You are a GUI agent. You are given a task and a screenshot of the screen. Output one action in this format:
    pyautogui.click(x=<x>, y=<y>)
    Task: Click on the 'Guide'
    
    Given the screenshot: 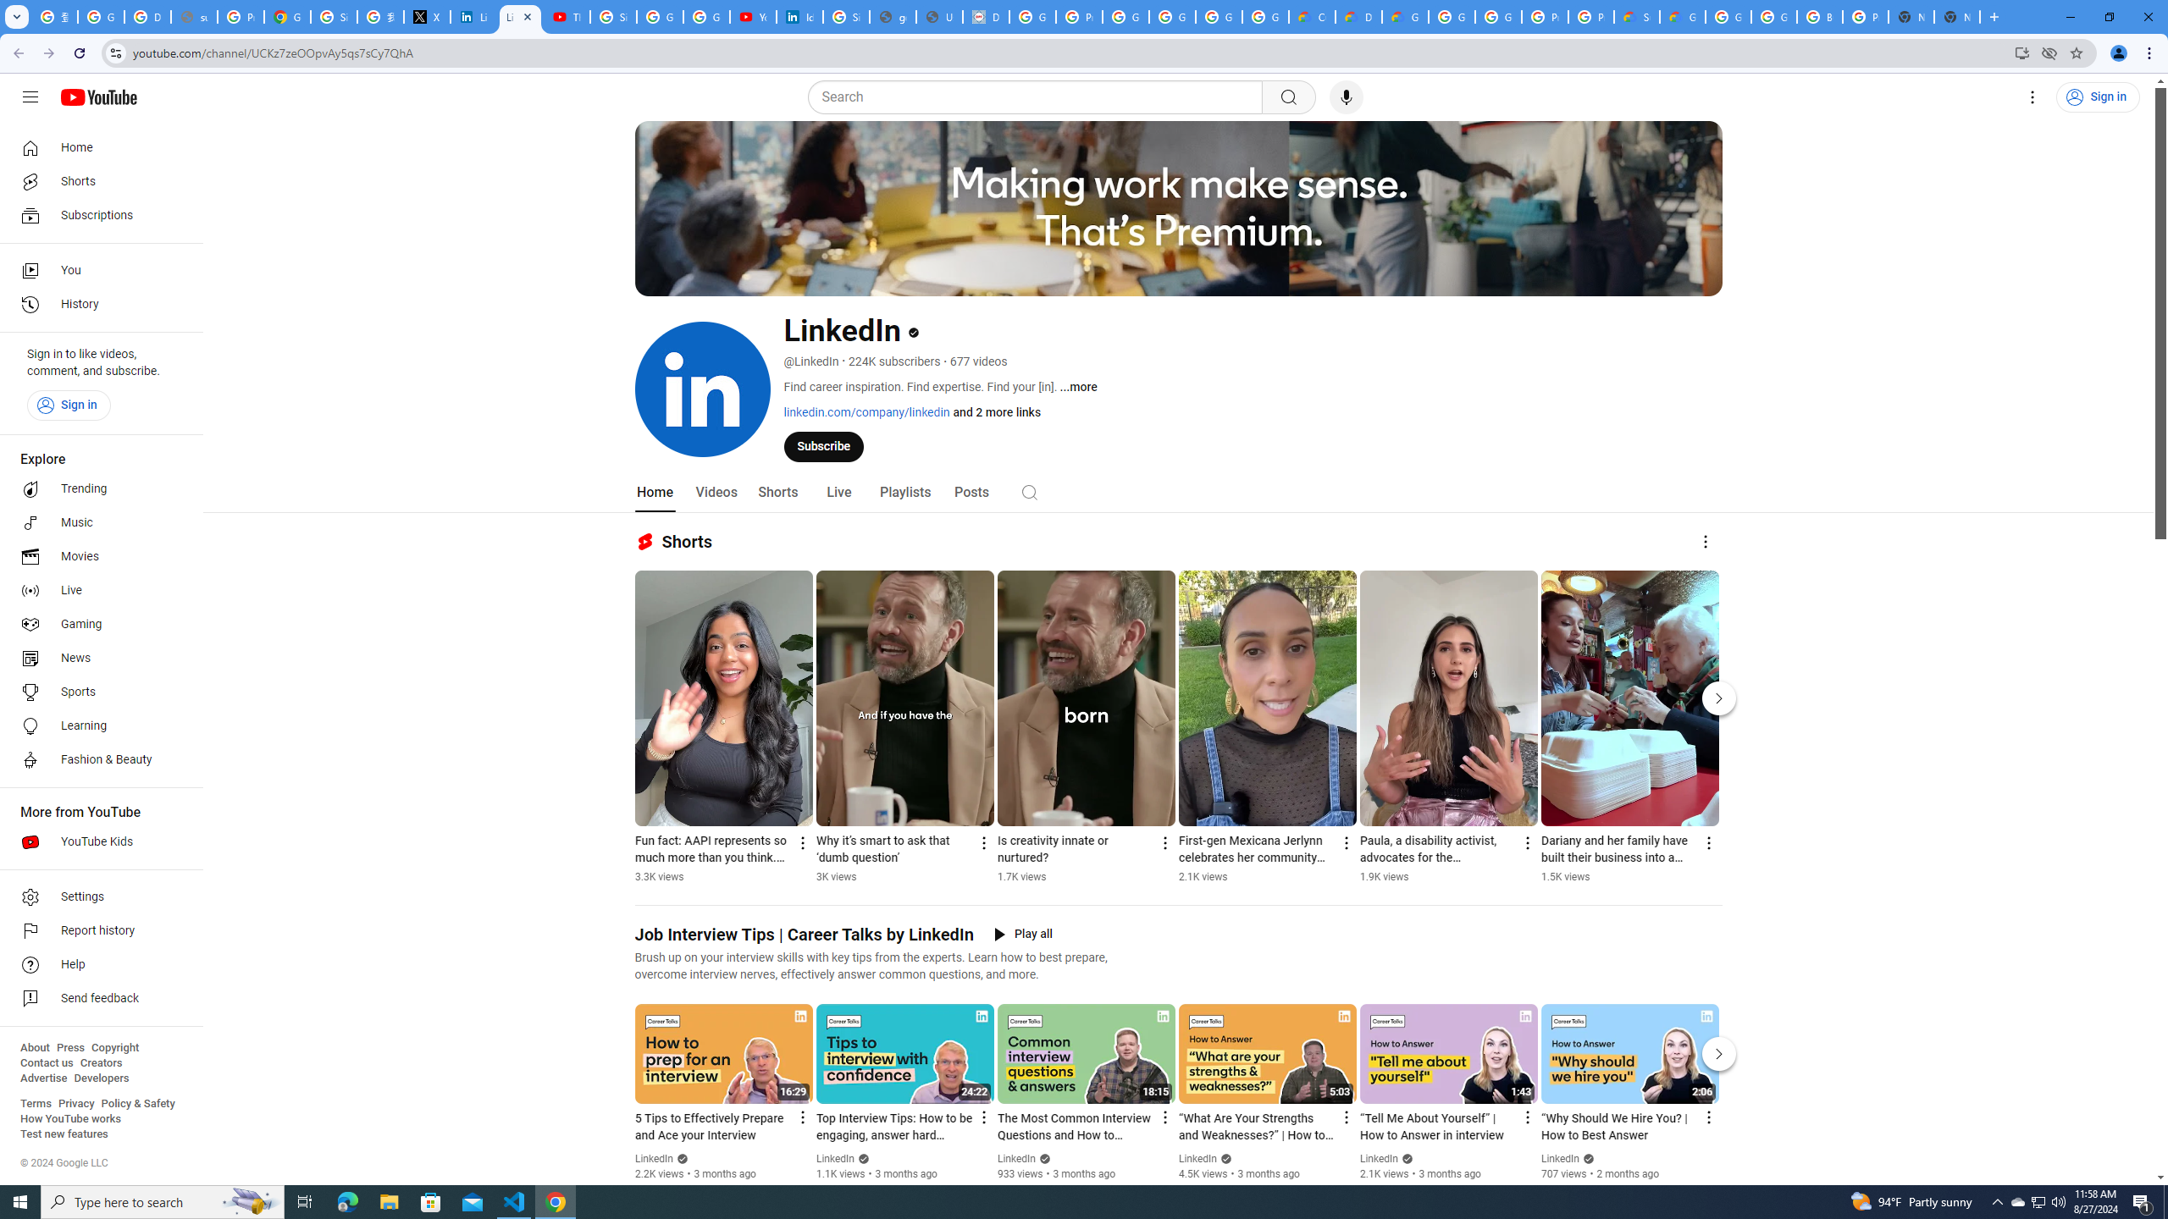 What is the action you would take?
    pyautogui.click(x=29, y=97)
    